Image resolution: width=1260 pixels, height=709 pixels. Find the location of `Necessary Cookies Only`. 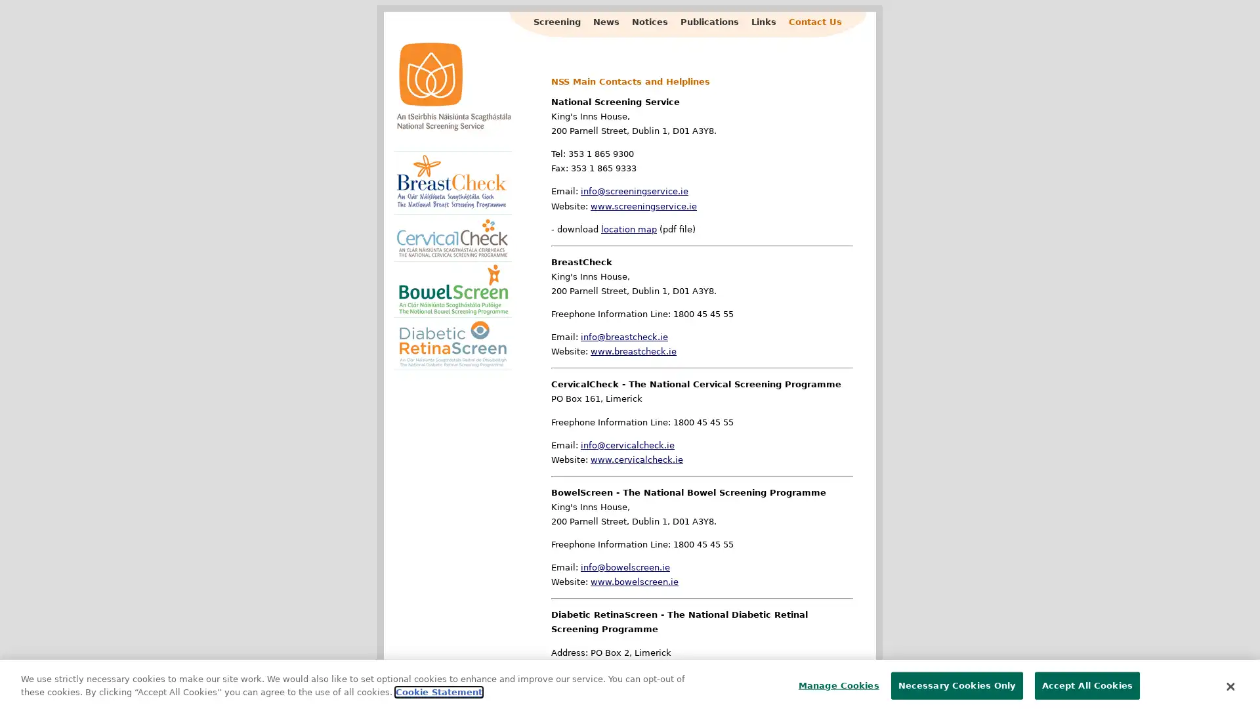

Necessary Cookies Only is located at coordinates (956, 680).